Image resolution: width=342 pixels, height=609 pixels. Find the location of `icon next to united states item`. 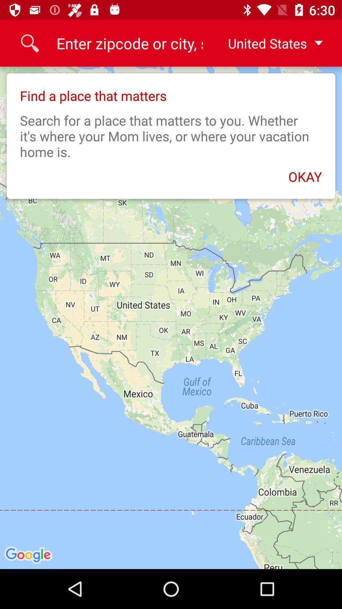

icon next to united states item is located at coordinates (129, 43).